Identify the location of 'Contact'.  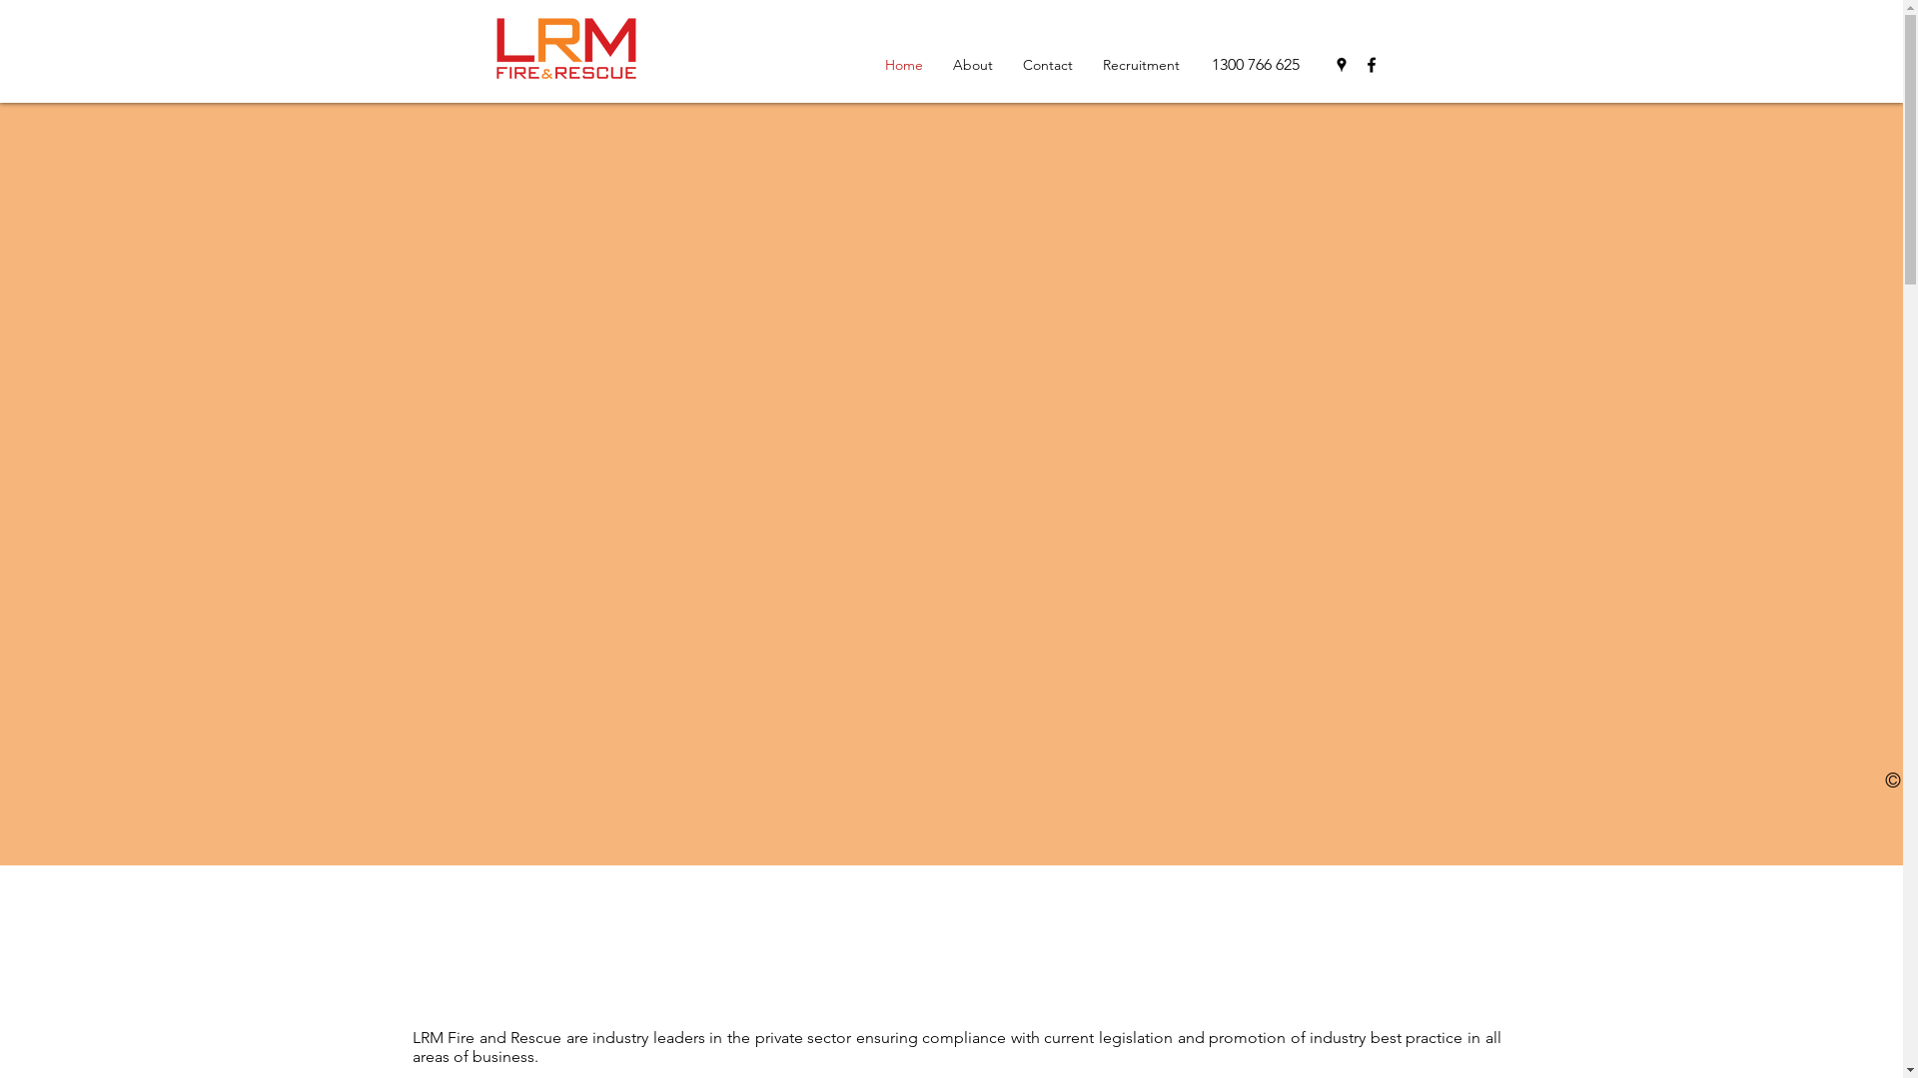
(1045, 64).